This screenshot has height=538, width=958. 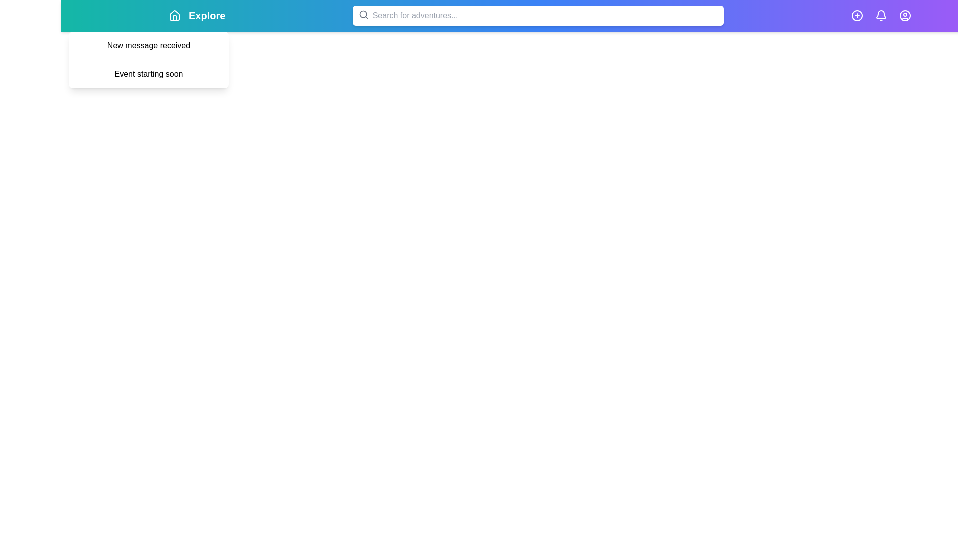 What do you see at coordinates (175, 15) in the screenshot?
I see `the home icon to toggle the menu visibility` at bounding box center [175, 15].